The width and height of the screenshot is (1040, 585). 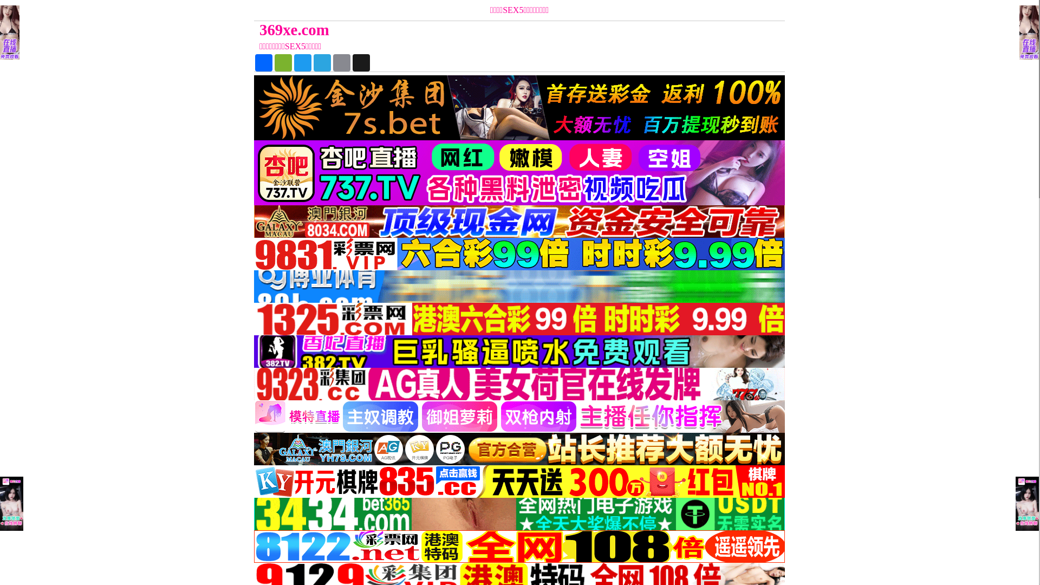 What do you see at coordinates (293, 62) in the screenshot?
I see `'Twitter'` at bounding box center [293, 62].